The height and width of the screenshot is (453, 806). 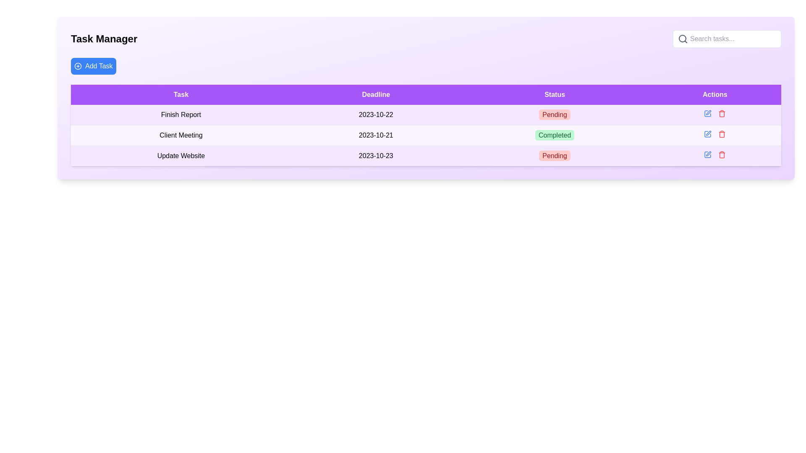 What do you see at coordinates (375, 115) in the screenshot?
I see `displayed date '2023-10-22' from the Text label located in the second row under the 'Deadline' column of the table, which is centrally aligned with the task name 'Finish Report' on the left and status 'Pending' on the right` at bounding box center [375, 115].